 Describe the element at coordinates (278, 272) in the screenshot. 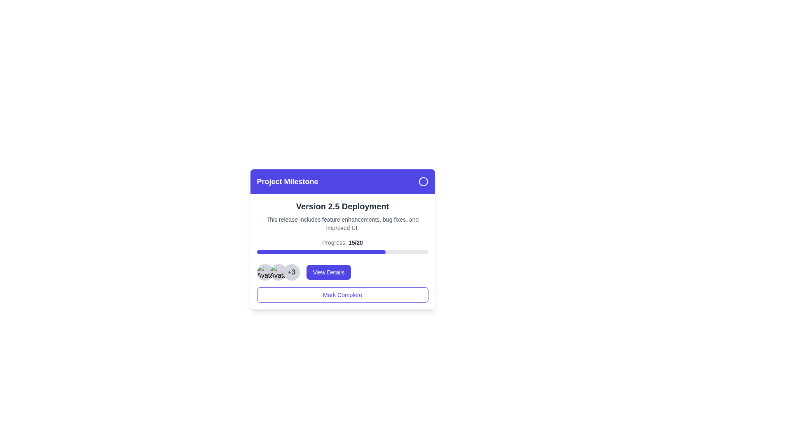

I see `the second circular avatar placeholder located beneath the progress bar, which serves as a user avatar or profile picture` at that location.